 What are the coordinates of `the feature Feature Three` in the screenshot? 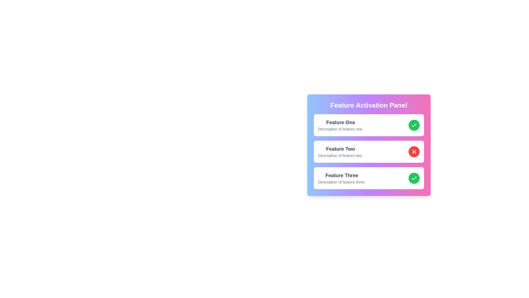 It's located at (414, 178).